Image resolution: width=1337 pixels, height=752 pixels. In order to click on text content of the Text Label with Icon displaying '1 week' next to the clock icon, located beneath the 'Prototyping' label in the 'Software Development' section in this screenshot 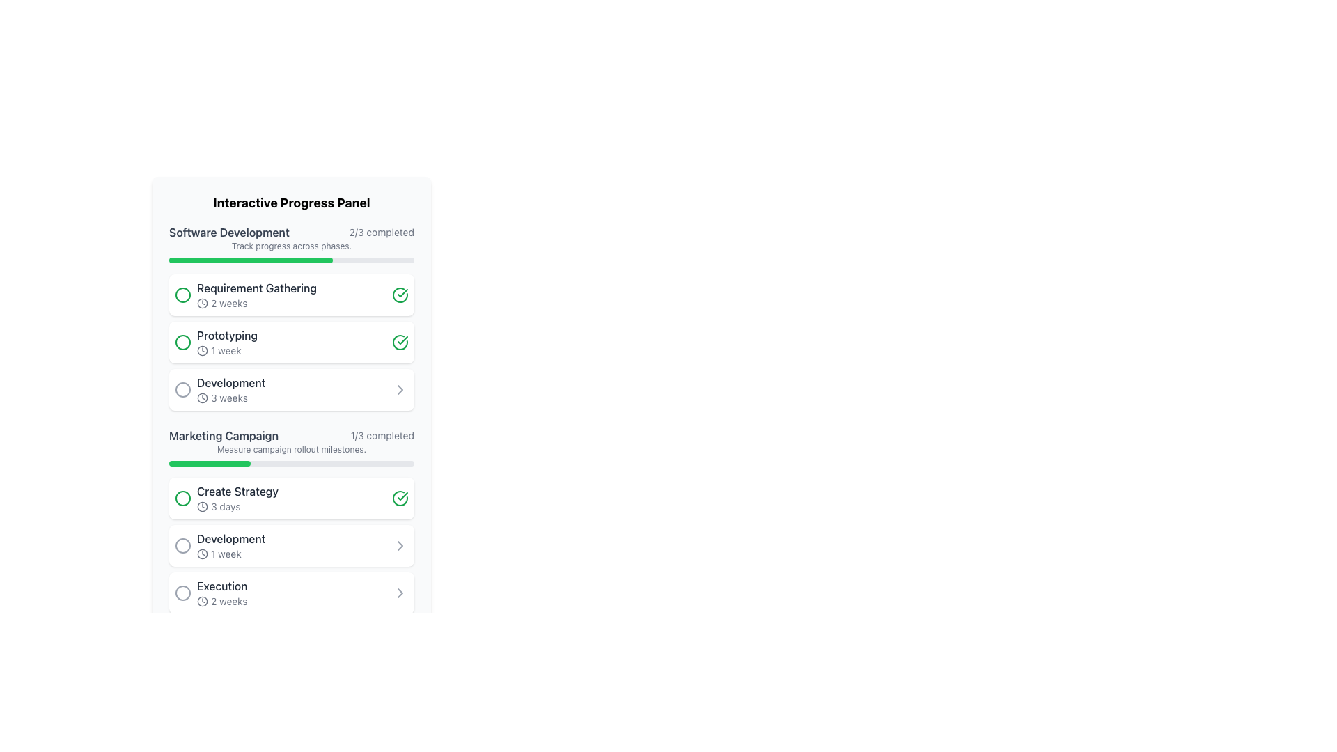, I will do `click(227, 350)`.